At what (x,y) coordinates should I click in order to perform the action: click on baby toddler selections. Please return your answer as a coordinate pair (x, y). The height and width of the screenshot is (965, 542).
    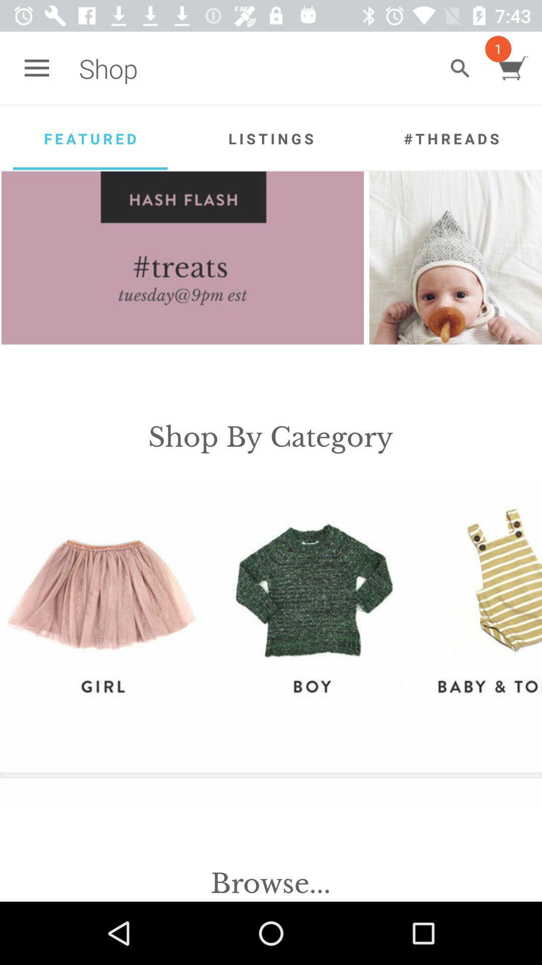
    Looking at the image, I should click on (481, 596).